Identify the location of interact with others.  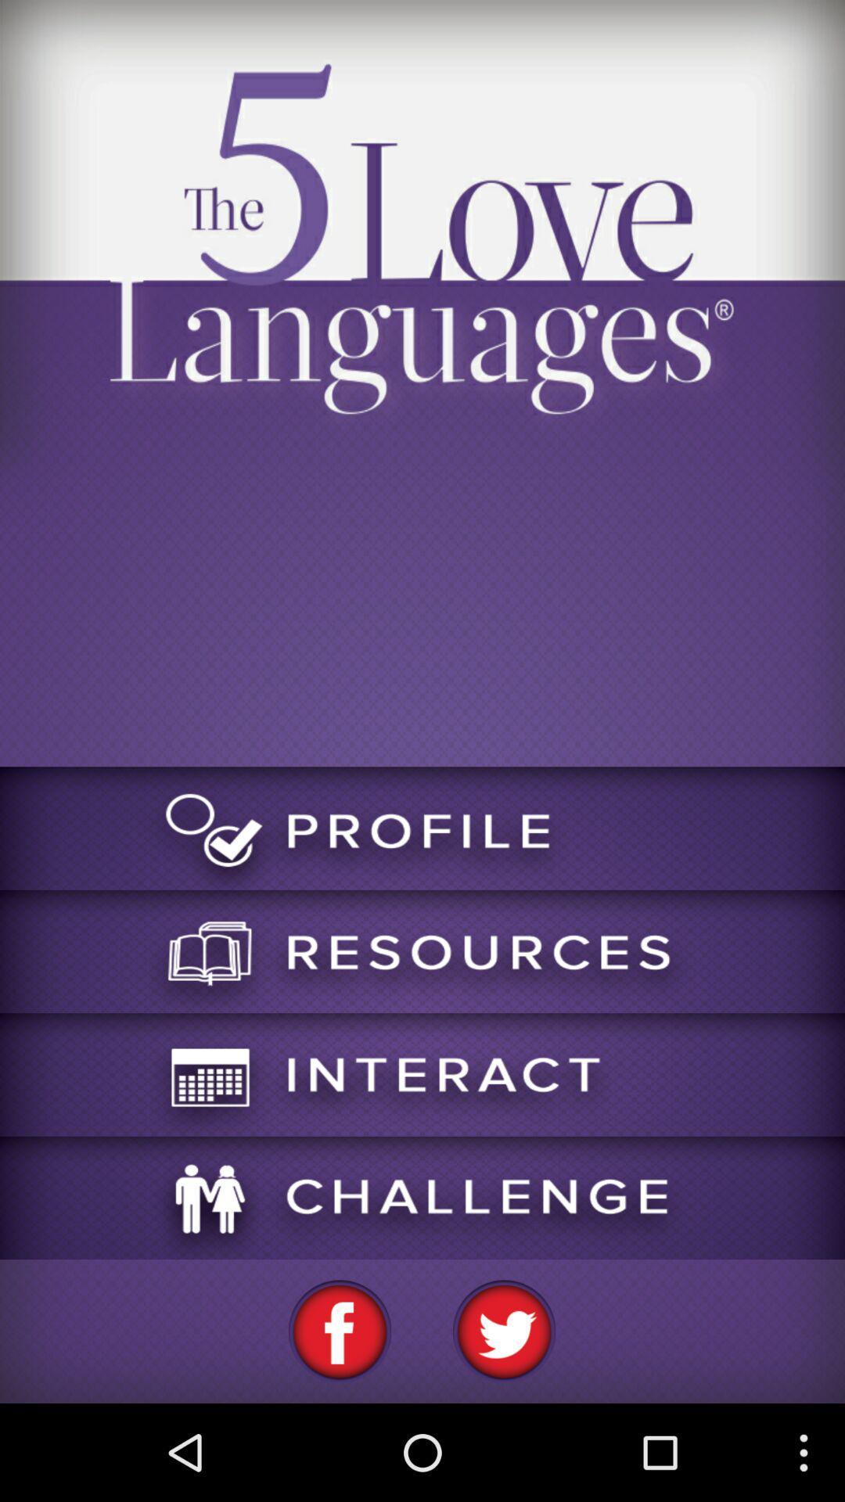
(422, 1073).